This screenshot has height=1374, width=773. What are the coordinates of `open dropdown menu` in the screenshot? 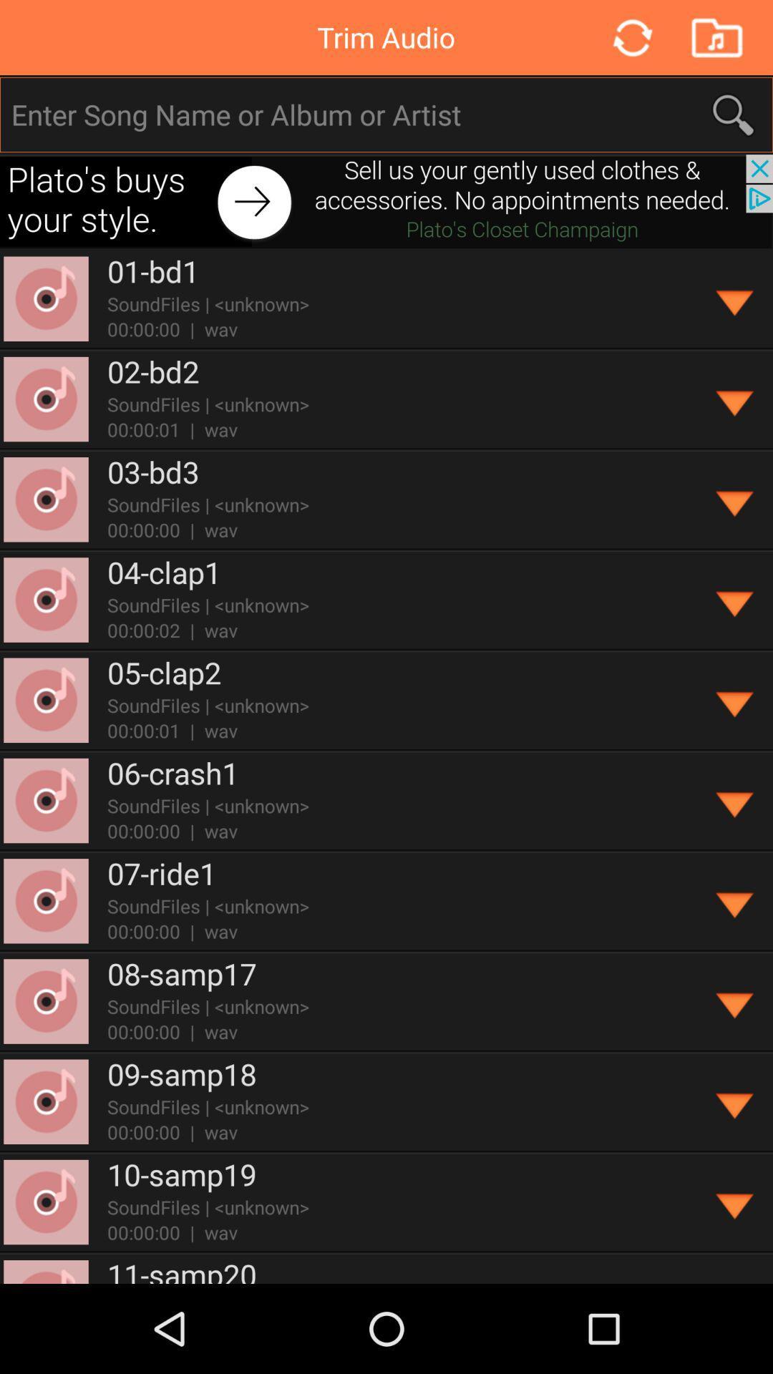 It's located at (735, 1000).